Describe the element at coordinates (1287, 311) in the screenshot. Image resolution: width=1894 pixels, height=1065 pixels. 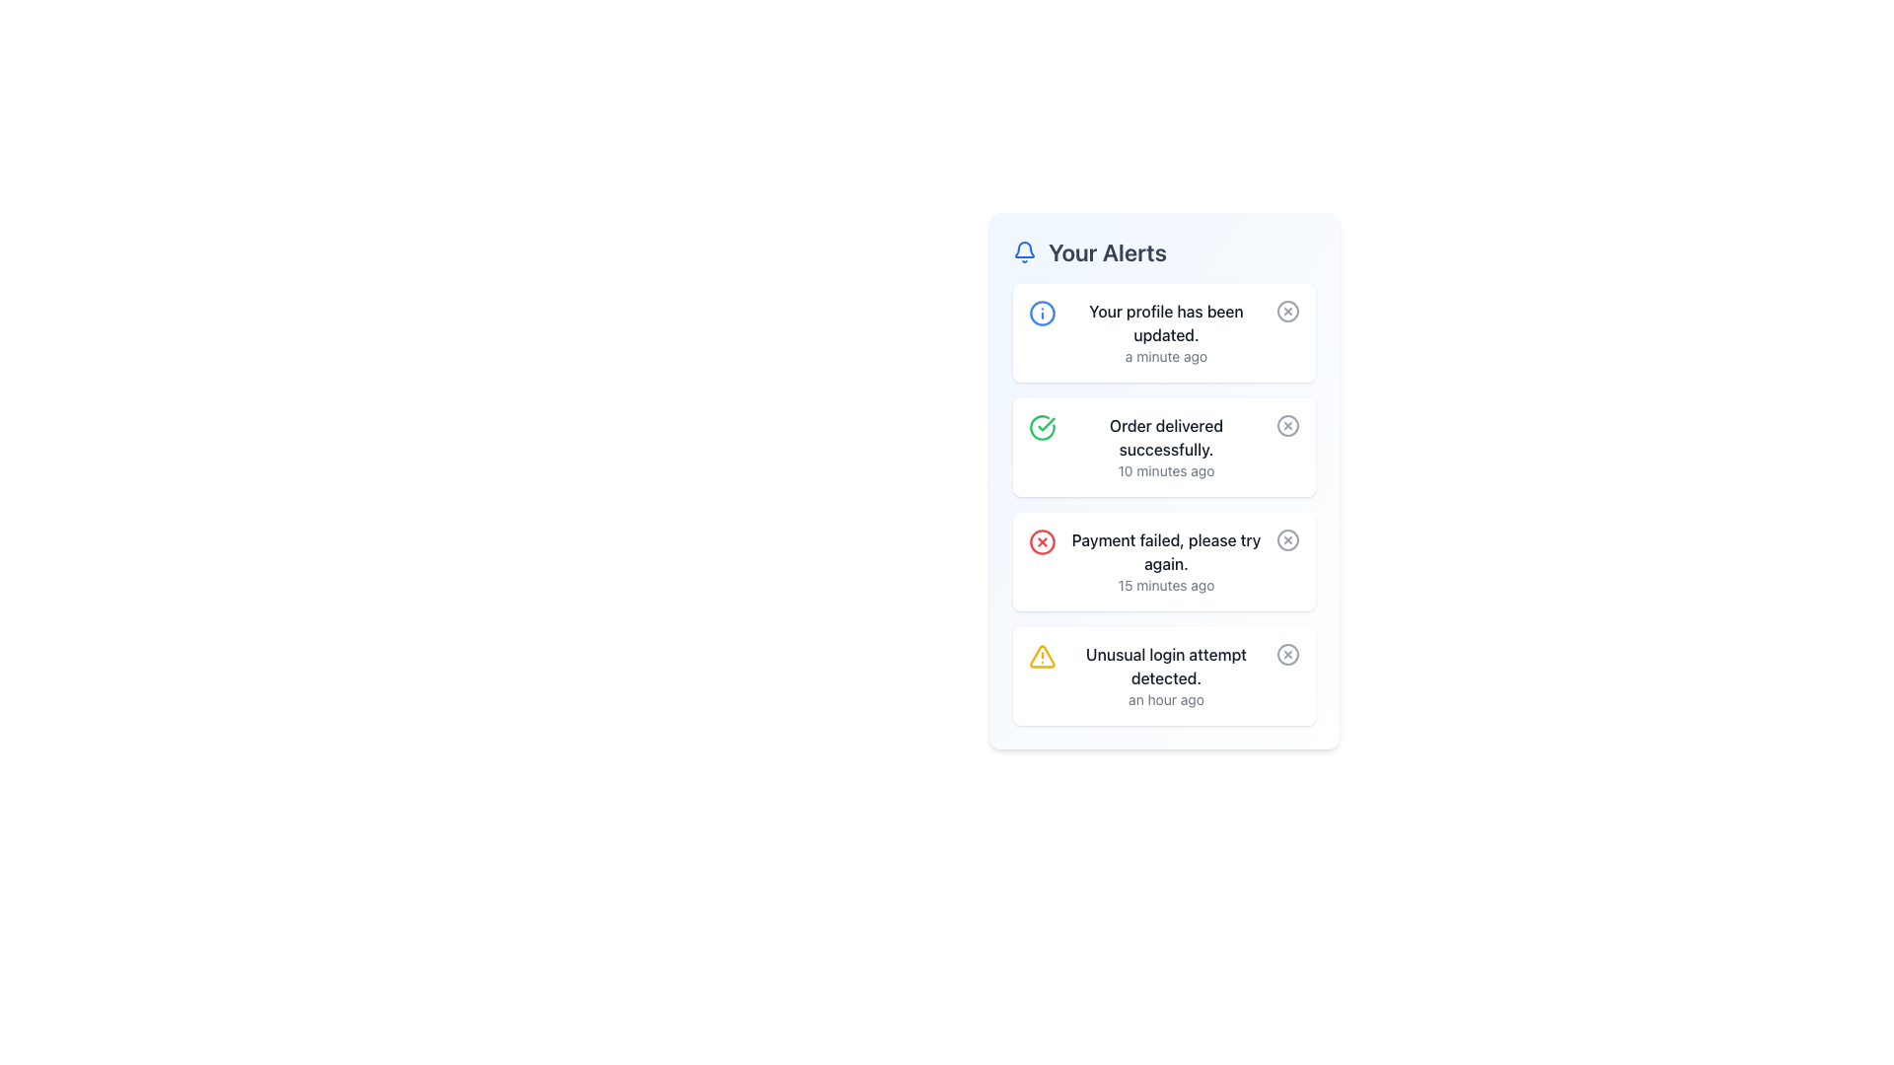
I see `the unfilled SVG circle icon located to the far-right of the first alert item in the alerts list` at that location.